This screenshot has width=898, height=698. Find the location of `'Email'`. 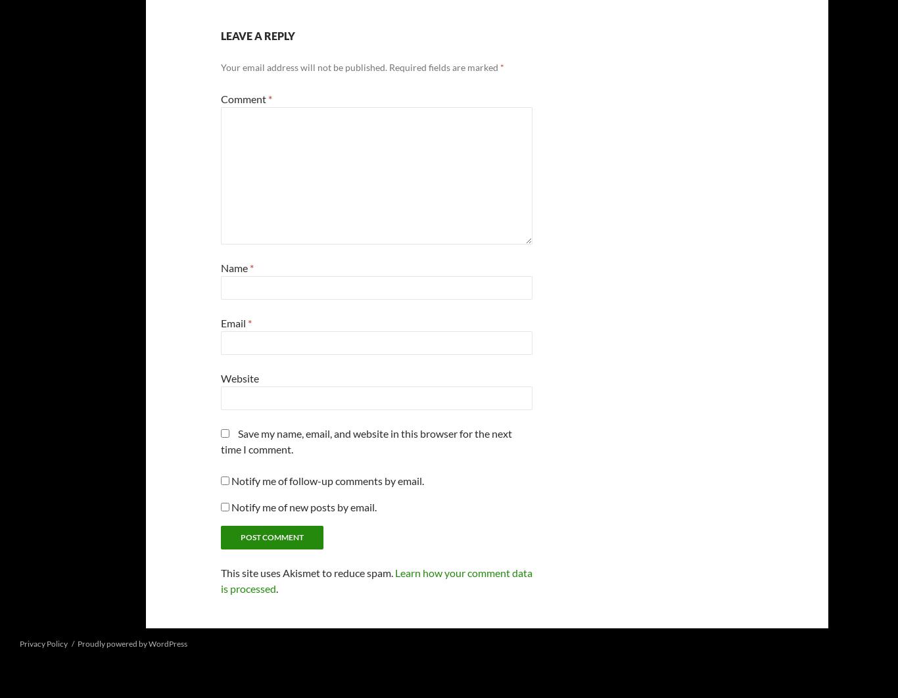

'Email' is located at coordinates (221, 322).